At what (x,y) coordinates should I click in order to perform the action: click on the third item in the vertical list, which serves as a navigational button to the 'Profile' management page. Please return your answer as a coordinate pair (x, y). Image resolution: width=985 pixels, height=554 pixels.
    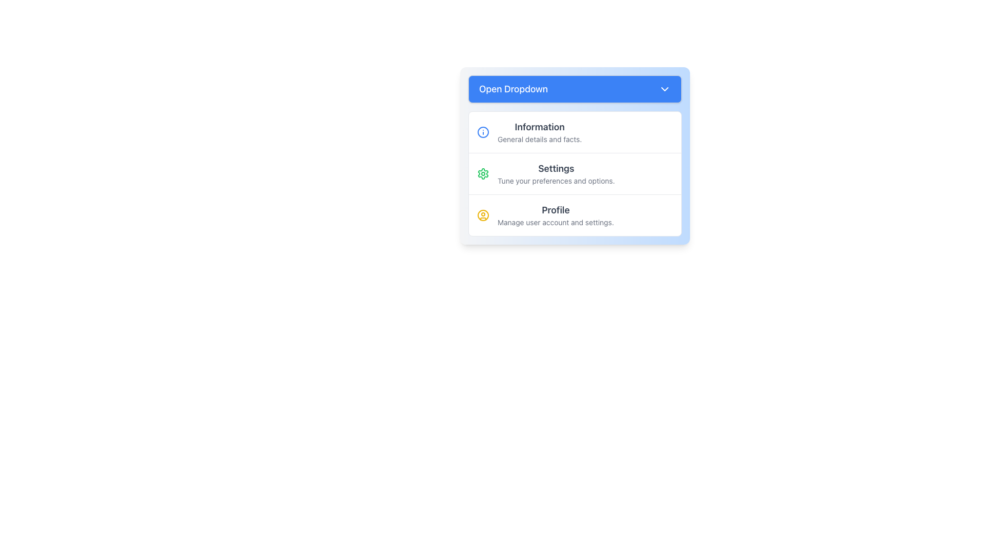
    Looking at the image, I should click on (575, 215).